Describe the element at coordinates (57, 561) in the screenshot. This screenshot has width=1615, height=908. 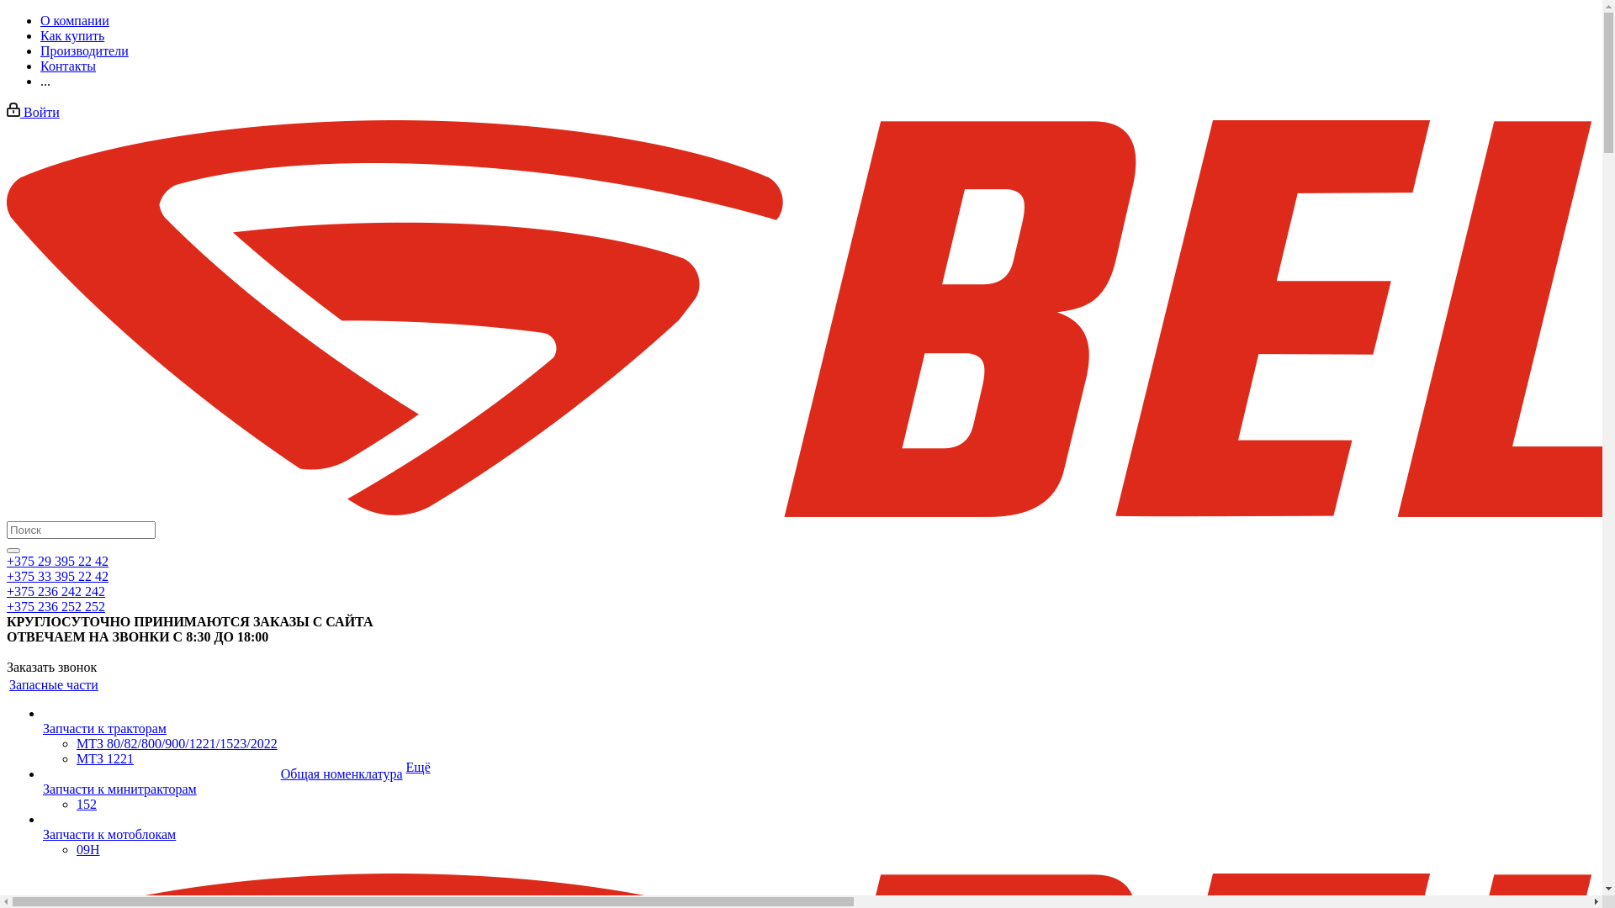
I see `'+375 29 395 22 42'` at that location.